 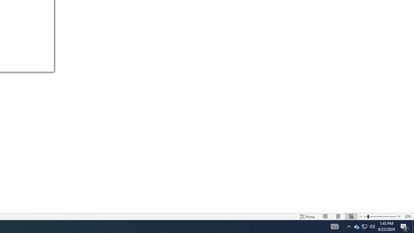 What do you see at coordinates (413, 226) in the screenshot?
I see `'Show desktop'` at bounding box center [413, 226].